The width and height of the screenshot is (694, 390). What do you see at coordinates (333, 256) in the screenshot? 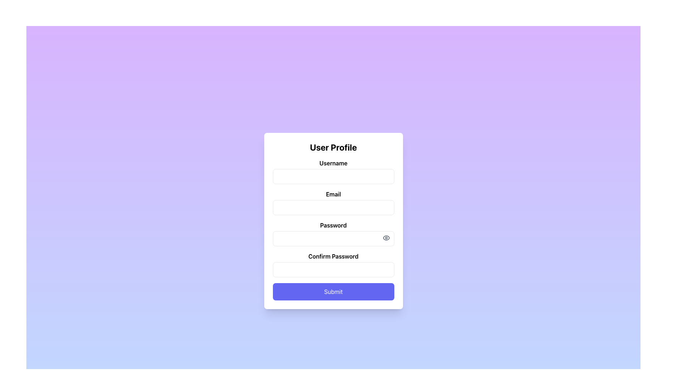
I see `the text label indicating the purpose of the password confirmation input field, which is positioned above the confirmation input box in the user profile form` at bounding box center [333, 256].